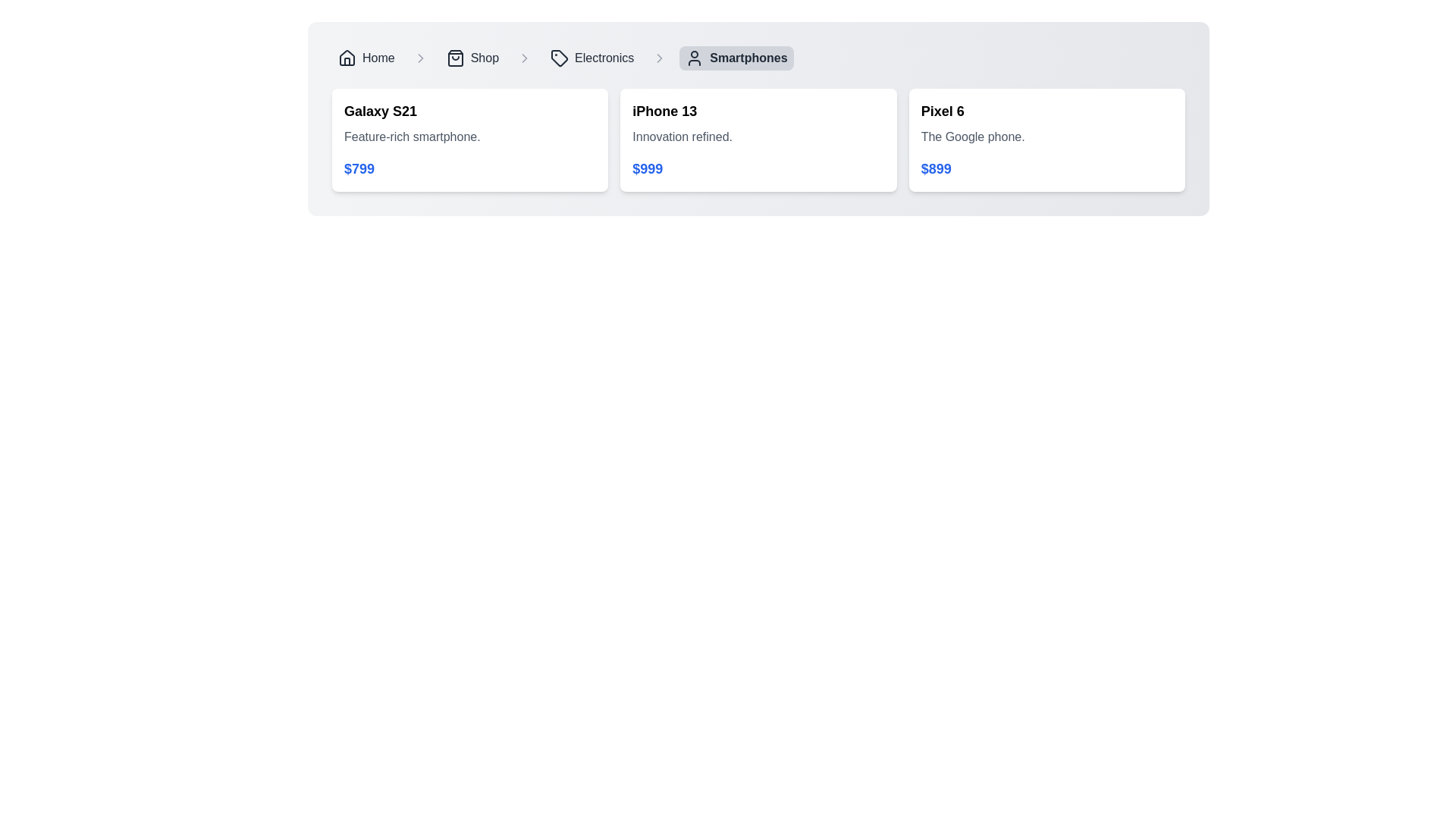 The width and height of the screenshot is (1456, 819). I want to click on the 'Home' navigation icon located at the leftmost position in the breadcrumb navigation bar, aligned horizontally with 'Shop' and 'Electronics', so click(346, 58).